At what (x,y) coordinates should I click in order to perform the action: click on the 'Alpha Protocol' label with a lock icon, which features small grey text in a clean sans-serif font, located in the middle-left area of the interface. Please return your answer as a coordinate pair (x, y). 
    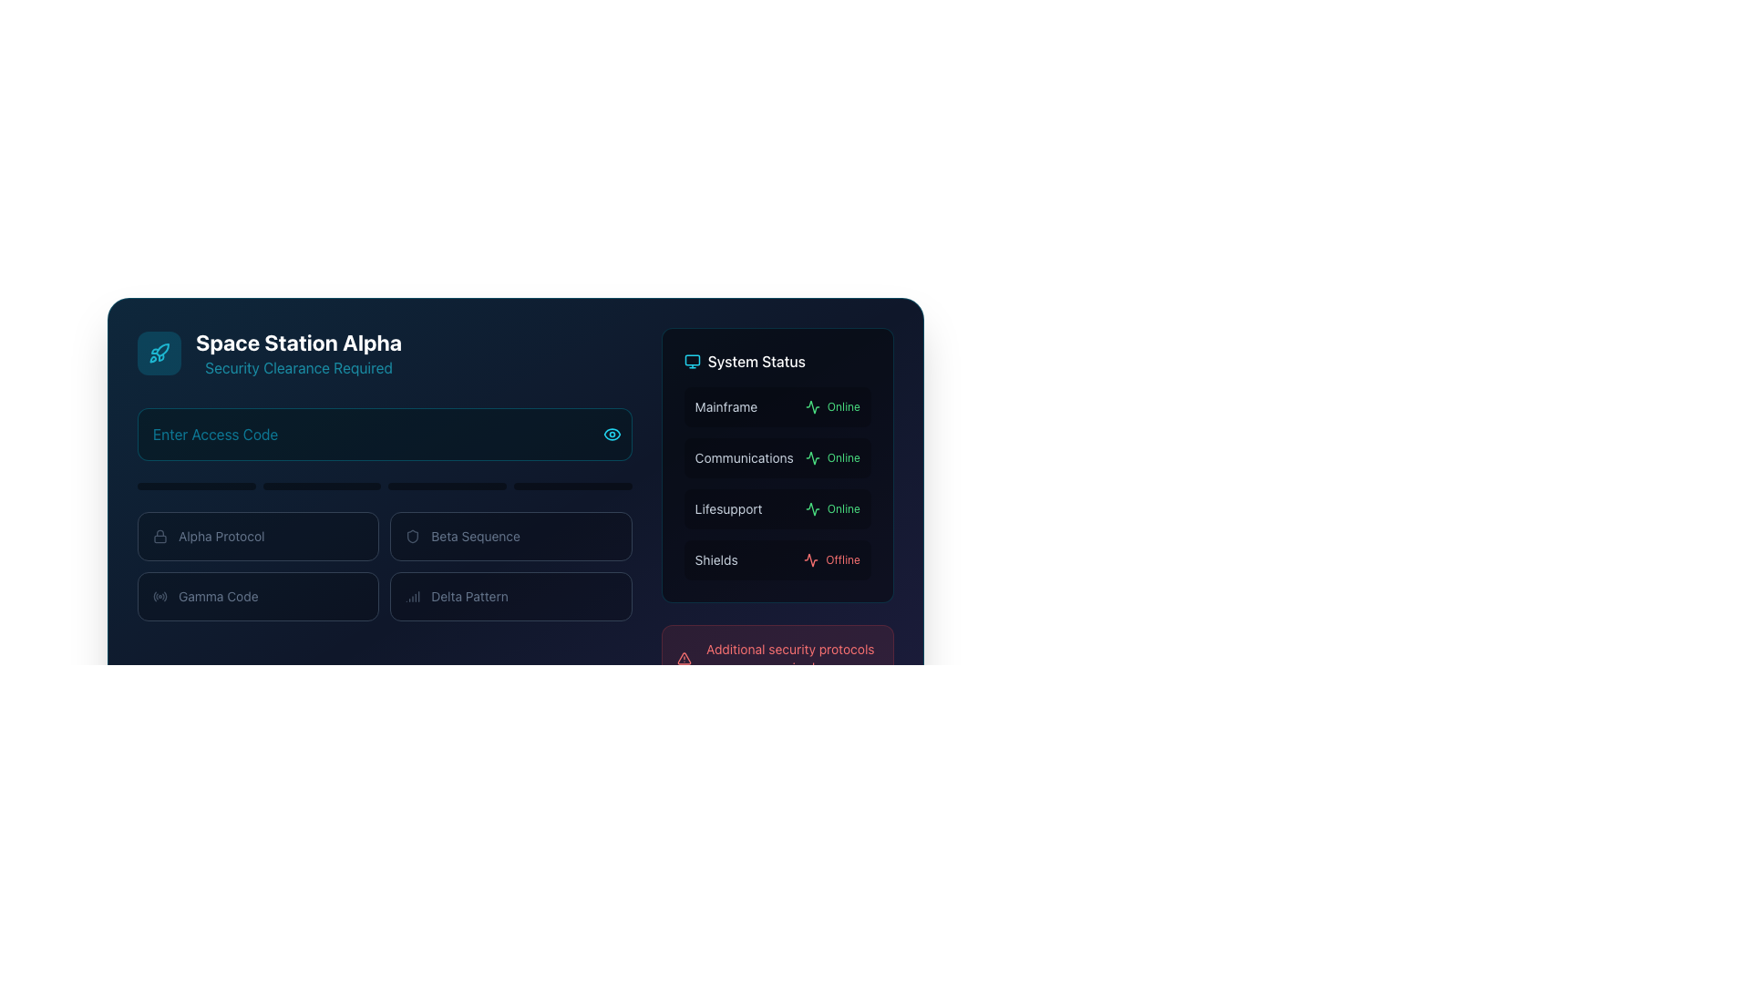
    Looking at the image, I should click on (257, 536).